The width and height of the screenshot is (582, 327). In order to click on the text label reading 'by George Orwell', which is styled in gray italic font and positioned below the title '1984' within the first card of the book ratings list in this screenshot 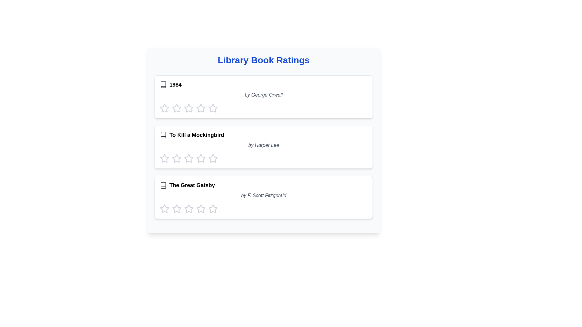, I will do `click(263, 95)`.